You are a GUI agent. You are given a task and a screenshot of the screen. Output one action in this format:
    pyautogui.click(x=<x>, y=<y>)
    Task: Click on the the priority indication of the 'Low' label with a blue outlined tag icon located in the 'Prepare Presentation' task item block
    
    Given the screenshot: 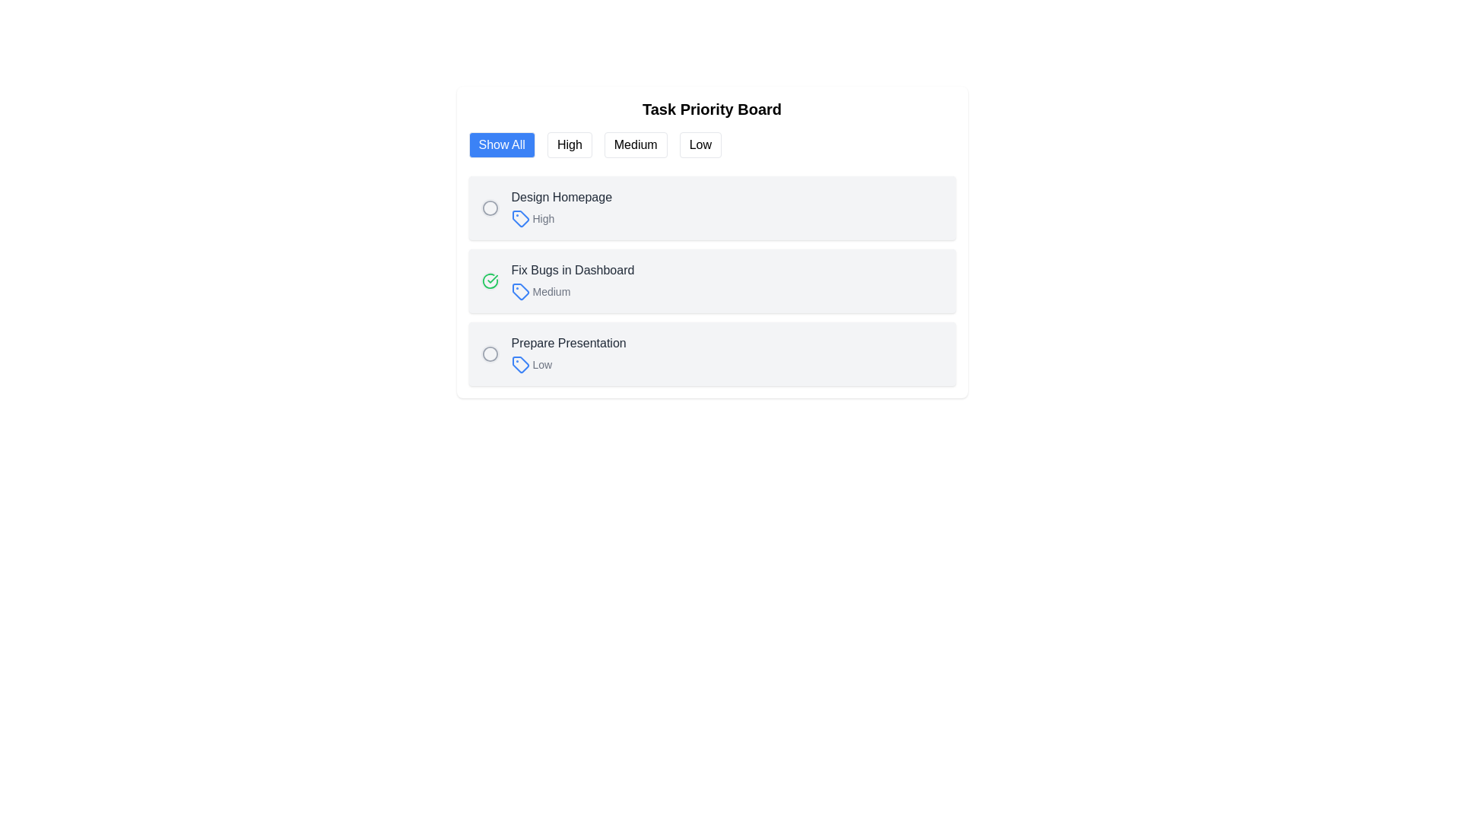 What is the action you would take?
    pyautogui.click(x=568, y=364)
    